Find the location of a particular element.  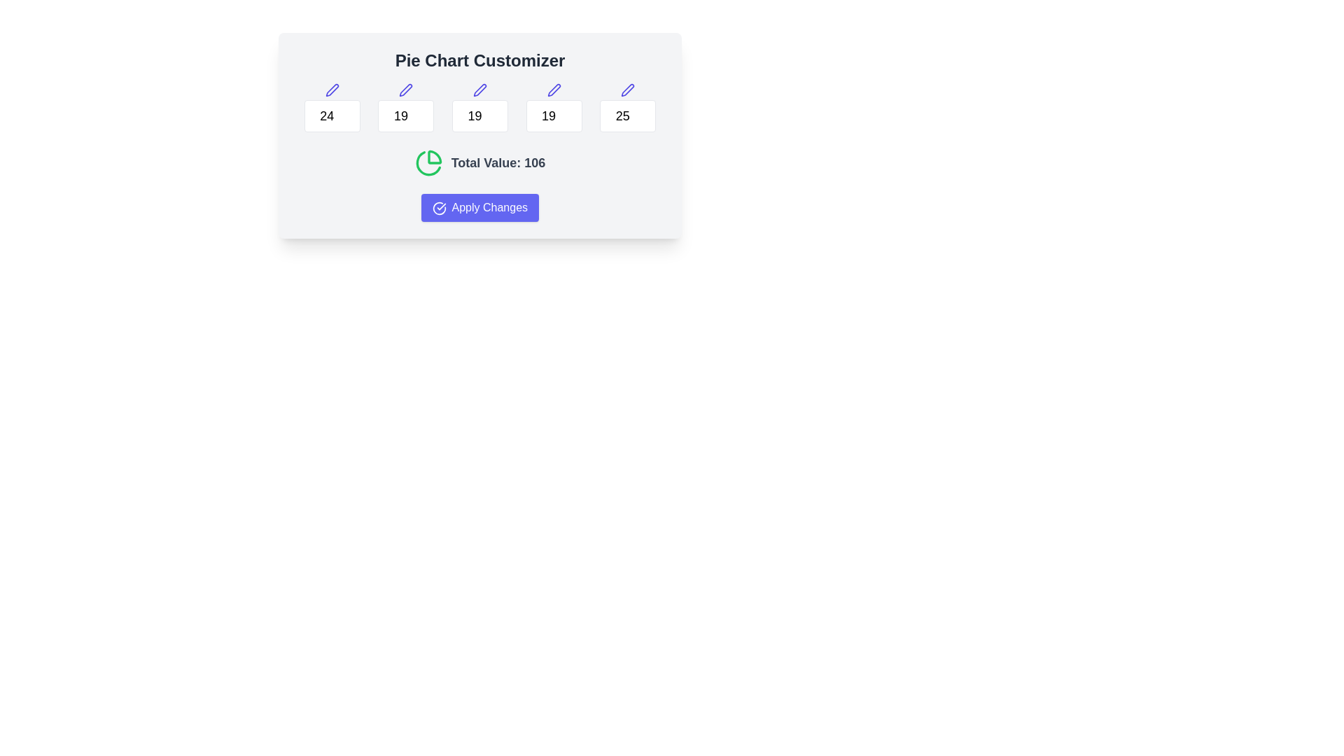

the edit icon button located above the numeric input box labeled '24' in the 'Pie Chart Customizer' interface is located at coordinates (331, 90).